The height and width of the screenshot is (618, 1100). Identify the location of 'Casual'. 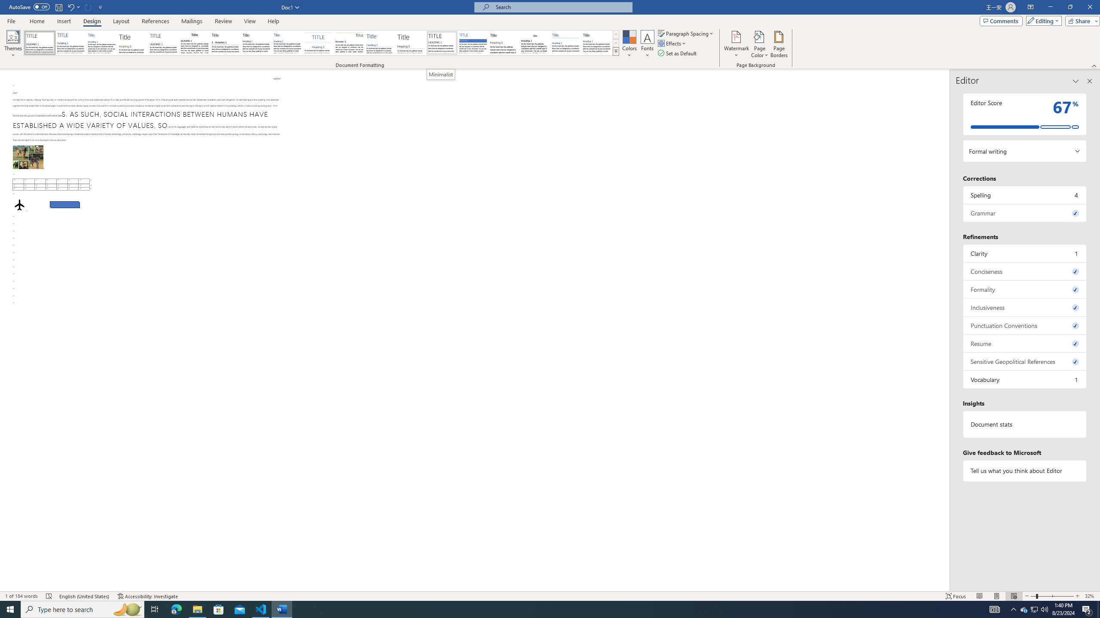
(287, 42).